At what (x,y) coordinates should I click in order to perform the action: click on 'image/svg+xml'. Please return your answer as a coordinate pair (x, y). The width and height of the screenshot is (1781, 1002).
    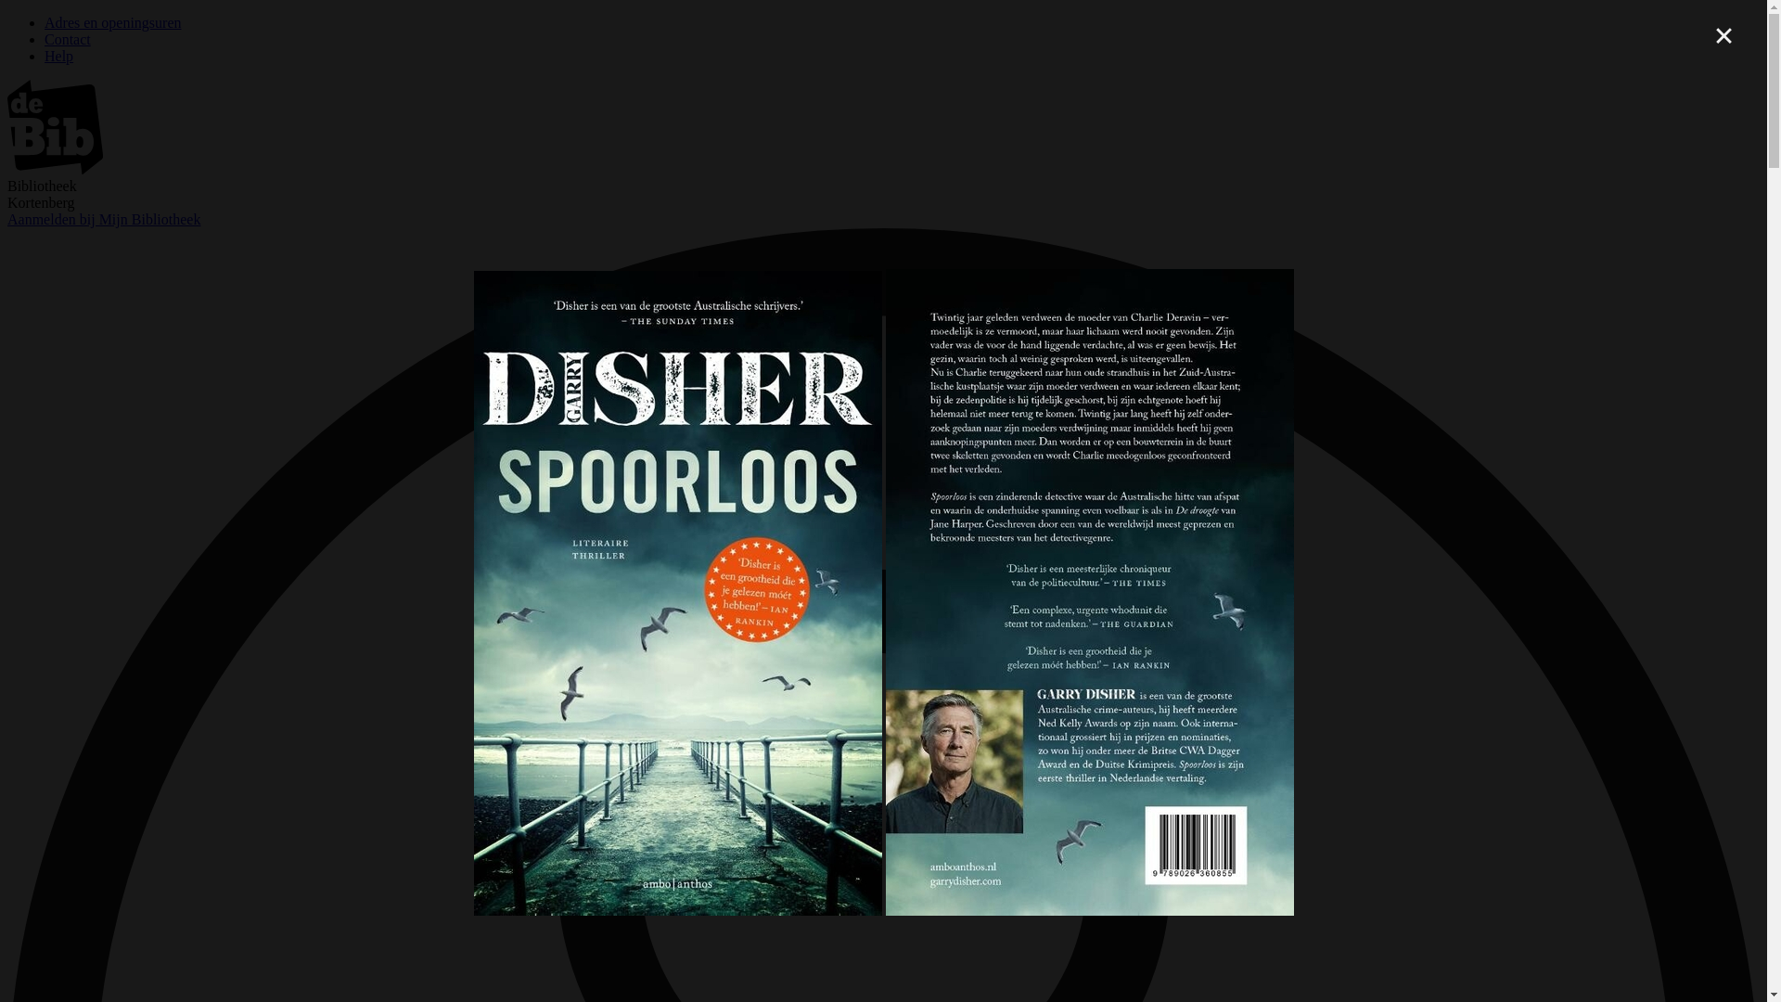
    Looking at the image, I should click on (7, 169).